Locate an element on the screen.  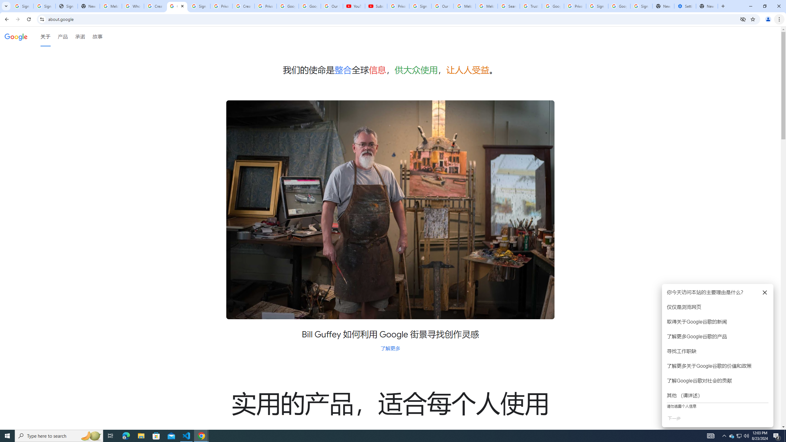
'Sign in - Google Accounts' is located at coordinates (22, 6).